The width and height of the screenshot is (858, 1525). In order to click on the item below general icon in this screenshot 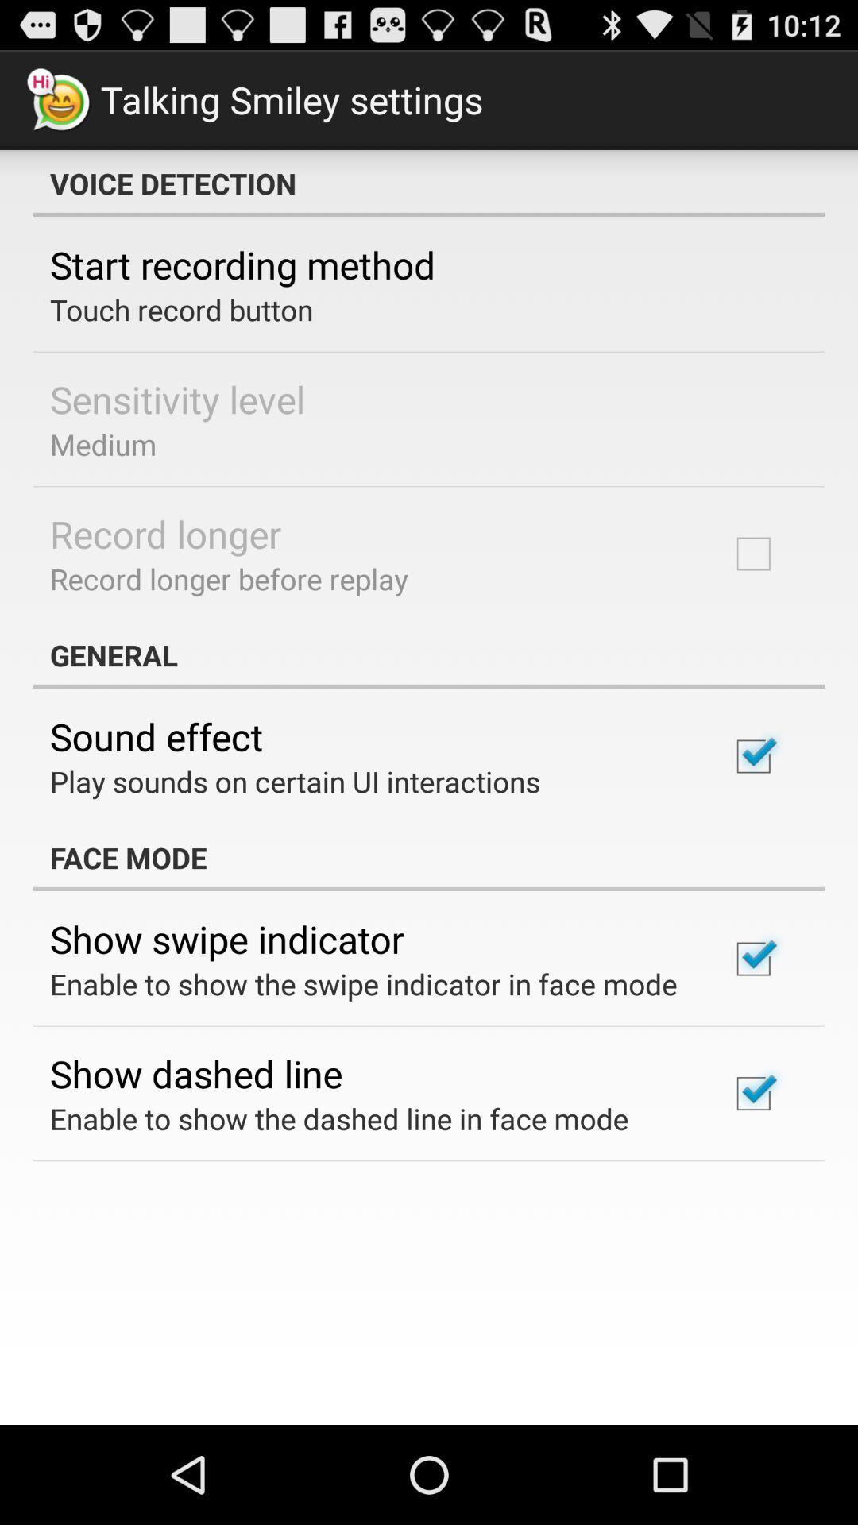, I will do `click(157, 735)`.